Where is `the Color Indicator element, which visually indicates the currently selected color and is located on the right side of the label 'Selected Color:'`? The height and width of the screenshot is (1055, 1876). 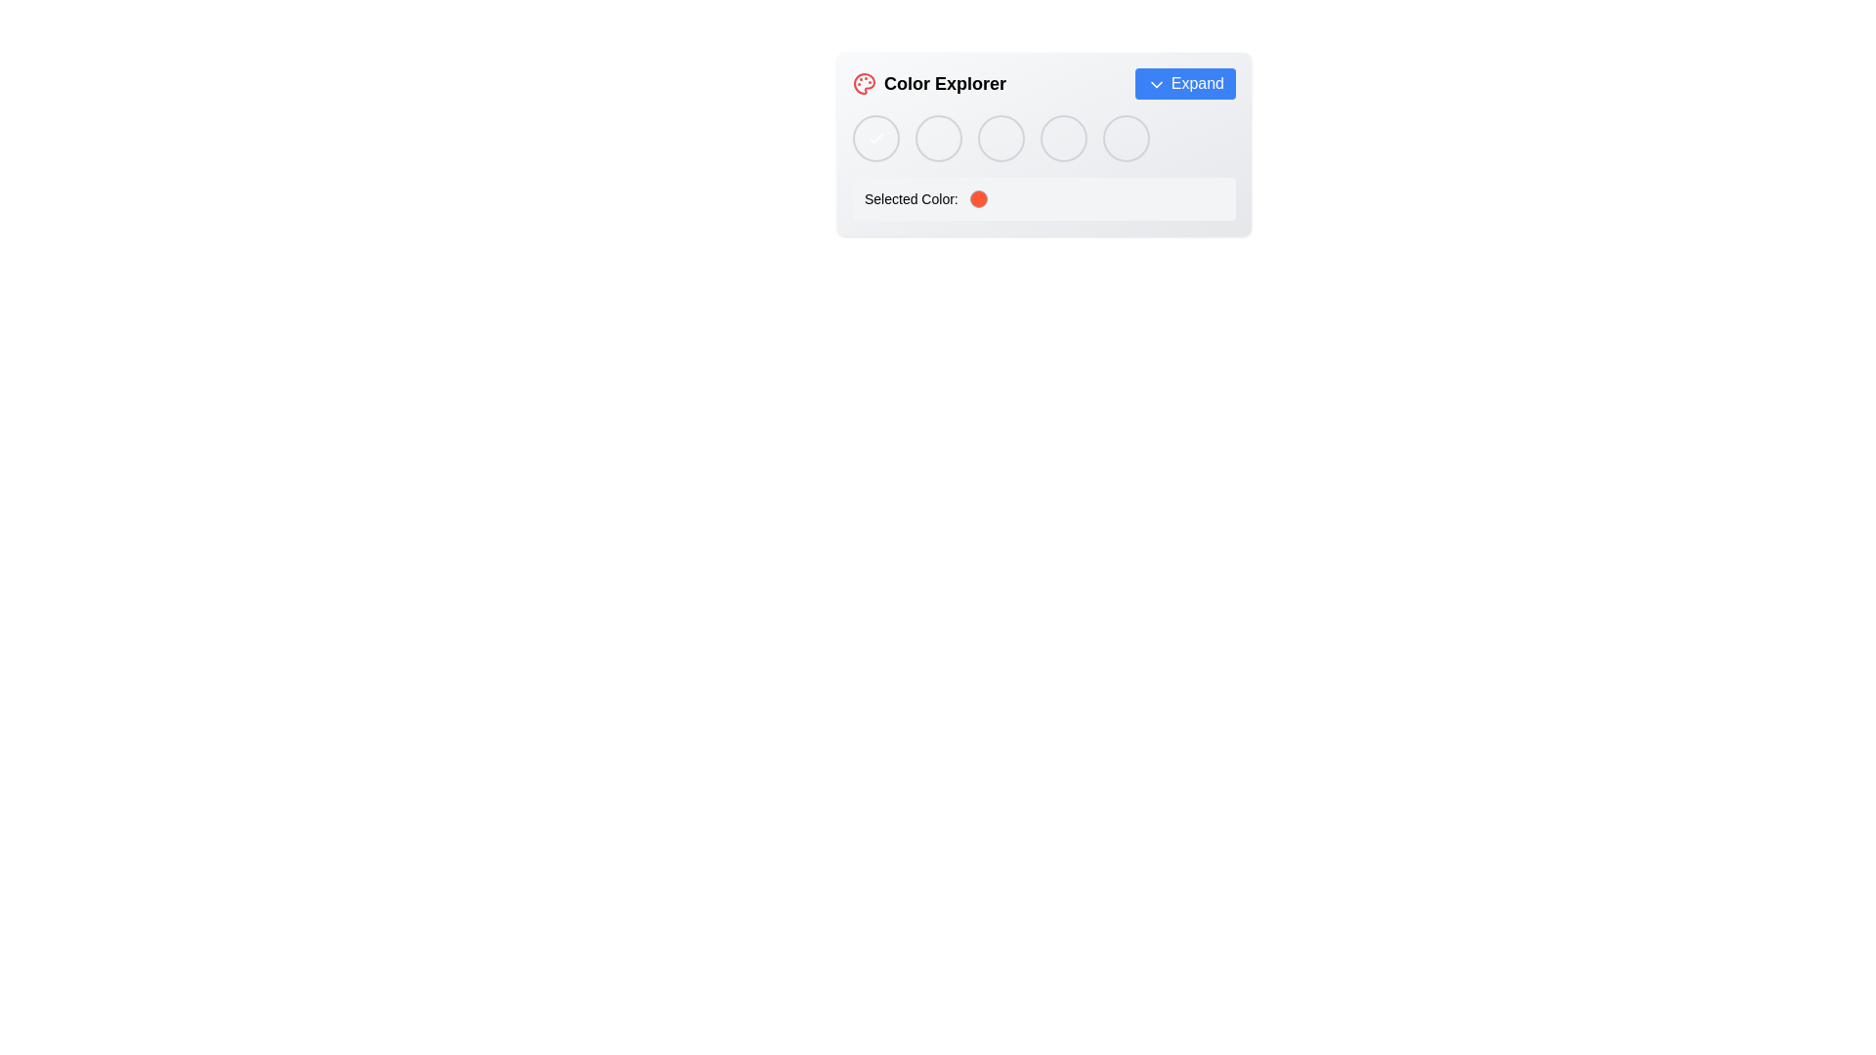
the Color Indicator element, which visually indicates the currently selected color and is located on the right side of the label 'Selected Color:' is located at coordinates (978, 199).